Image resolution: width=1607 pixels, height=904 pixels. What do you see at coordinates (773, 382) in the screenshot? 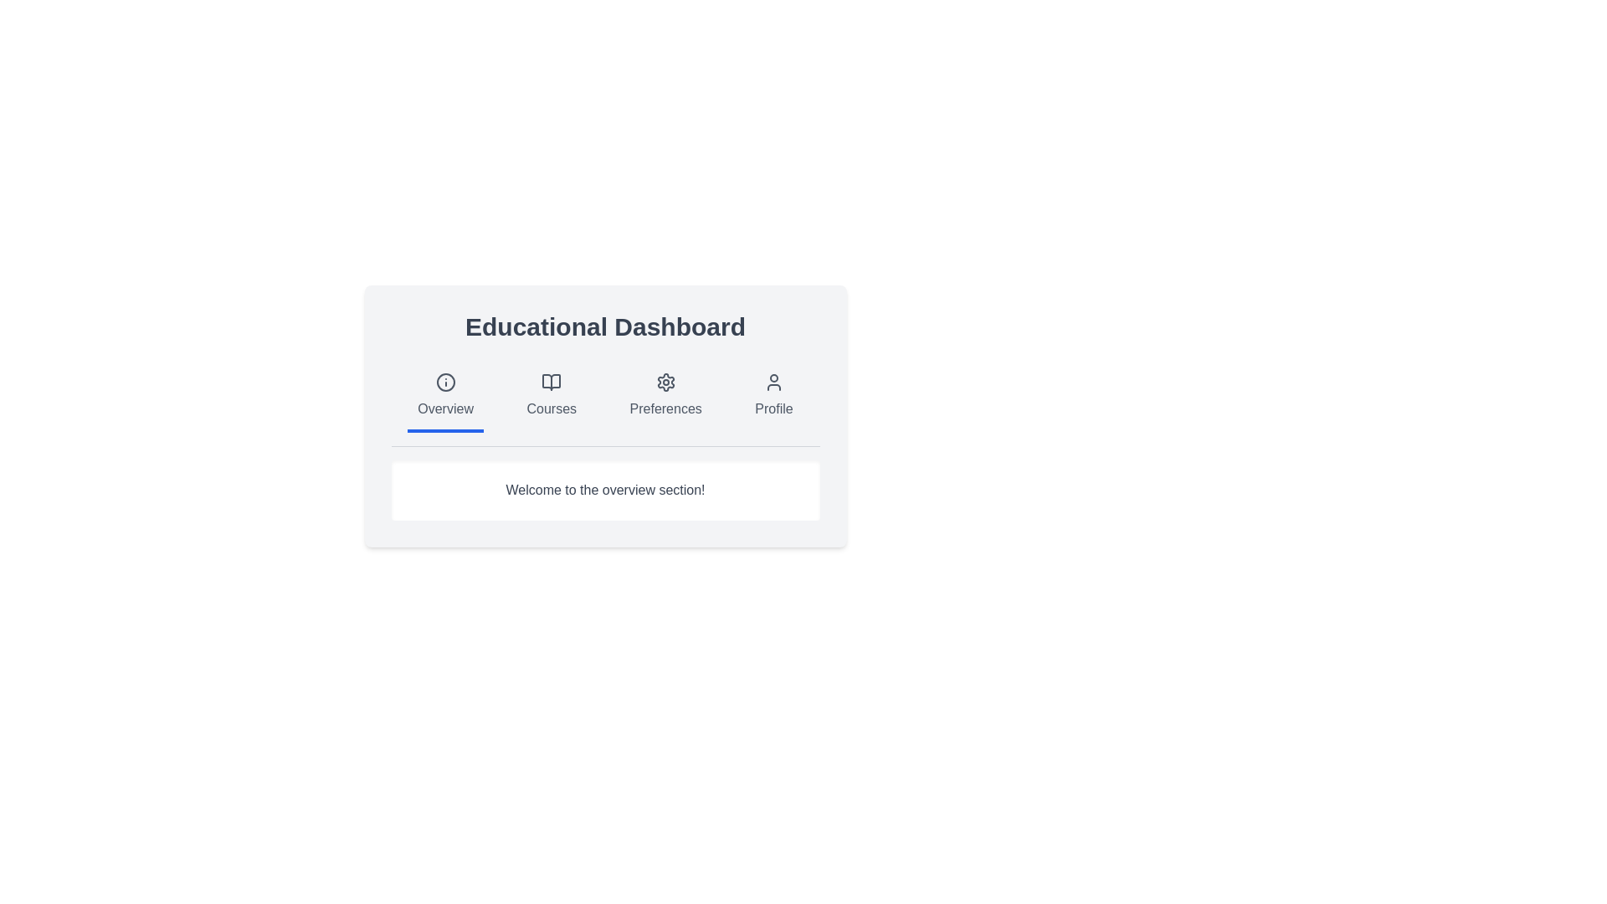
I see `the profile menu item, which is represented by a human figure icon and labeled 'Profile'` at bounding box center [773, 382].